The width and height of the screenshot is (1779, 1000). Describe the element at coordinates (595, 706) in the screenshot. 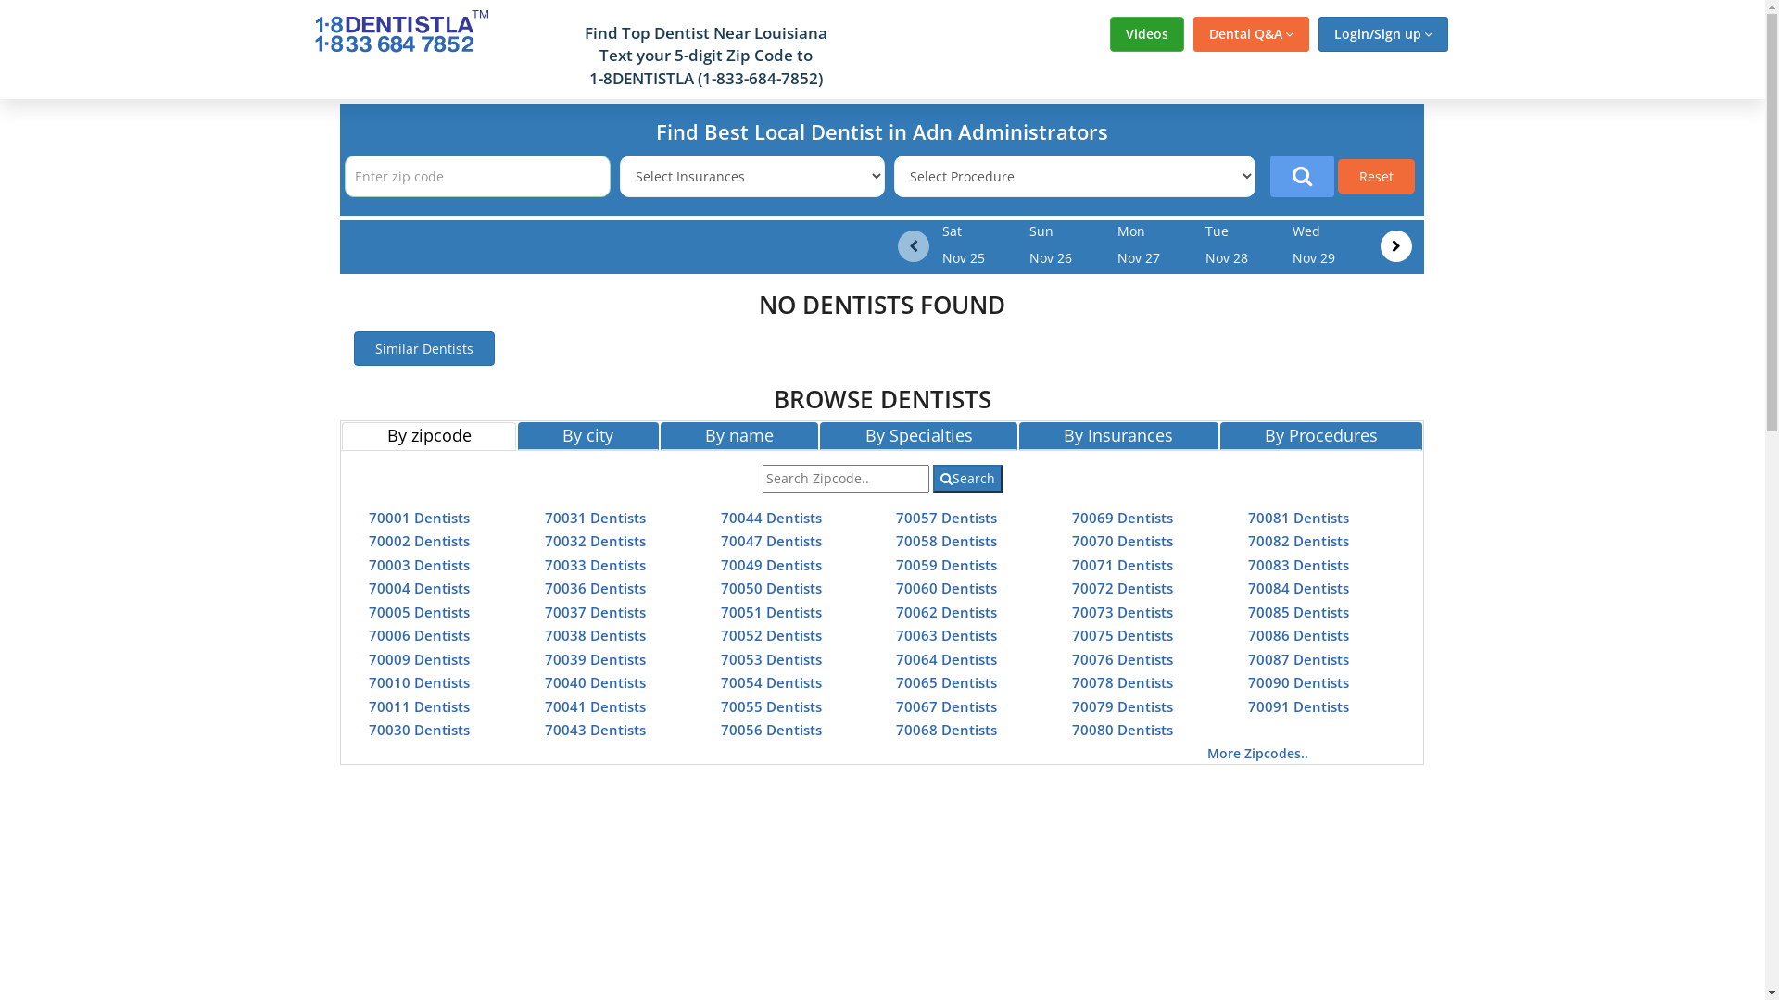

I see `'70041 Dentists'` at that location.